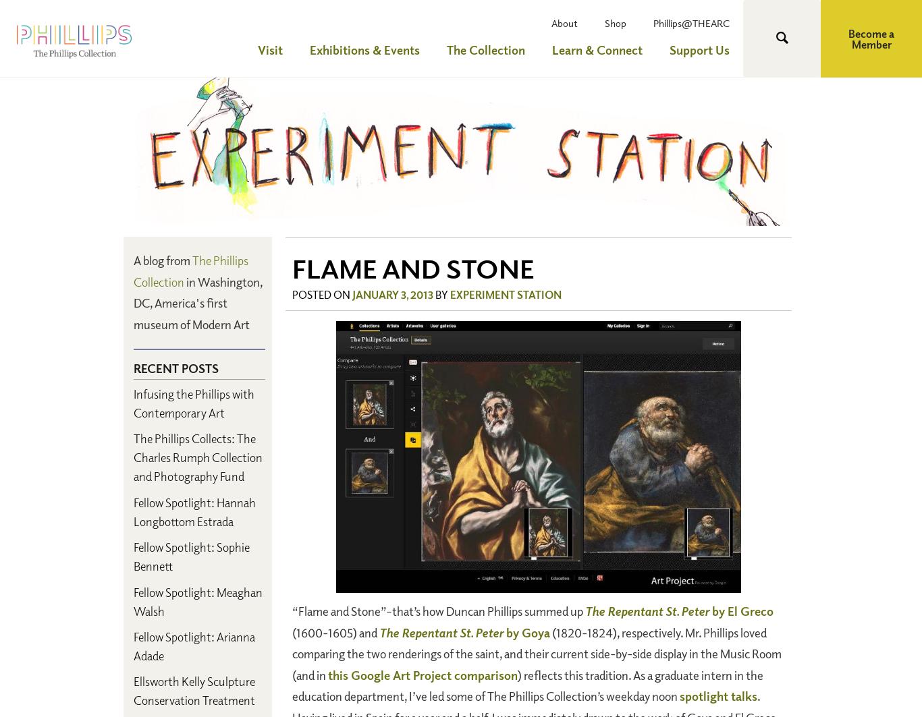 Image resolution: width=922 pixels, height=717 pixels. I want to click on 'Experiment Station', so click(506, 294).